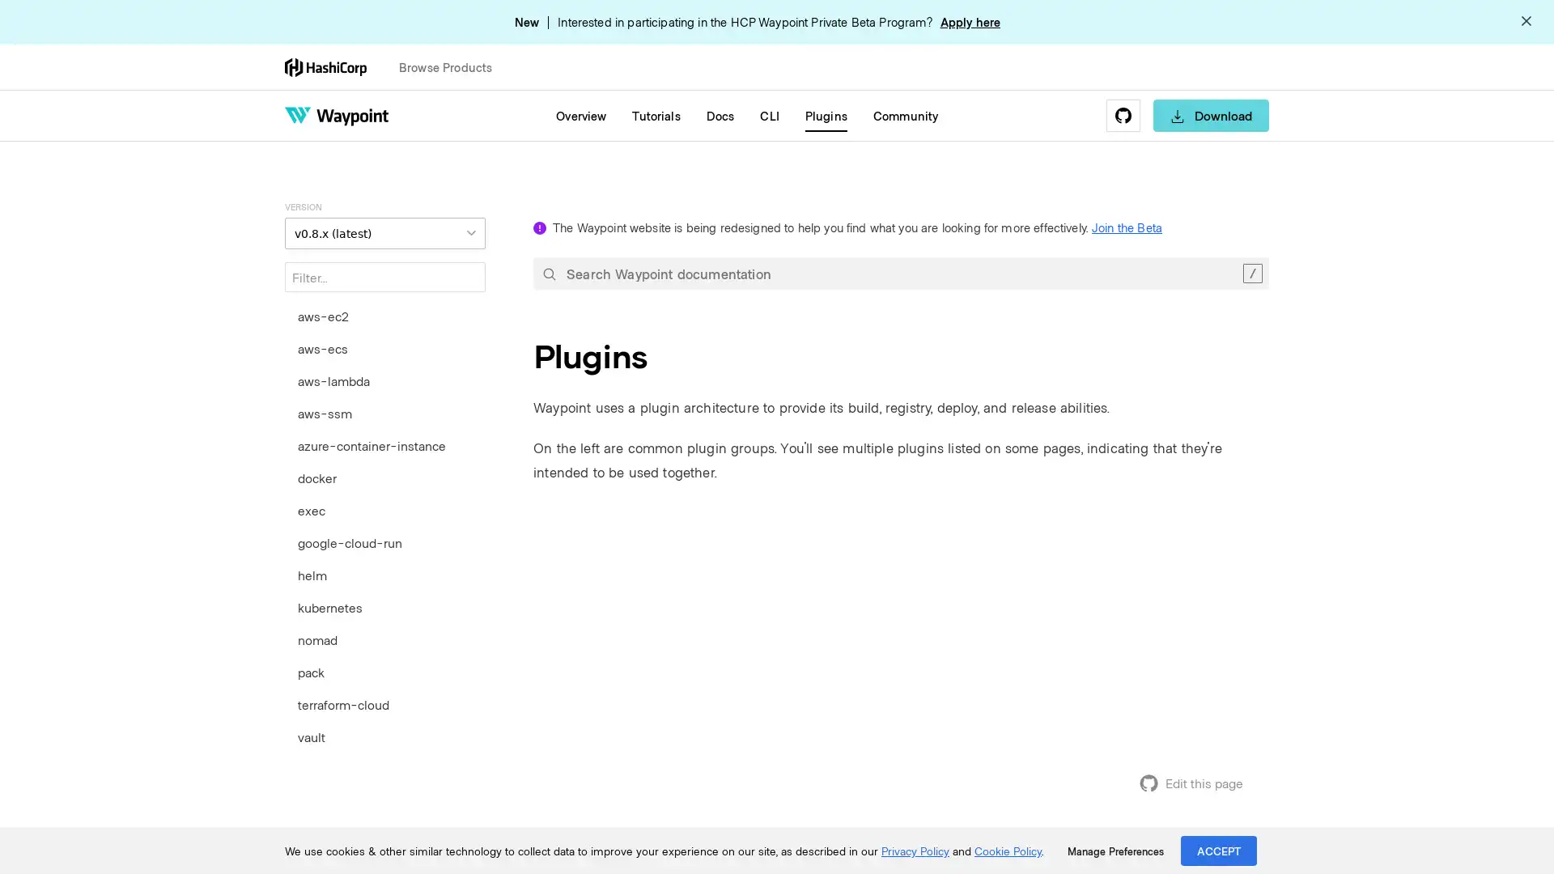 Image resolution: width=1554 pixels, height=874 pixels. Describe the element at coordinates (452, 66) in the screenshot. I see `Browse Products Open this menu` at that location.